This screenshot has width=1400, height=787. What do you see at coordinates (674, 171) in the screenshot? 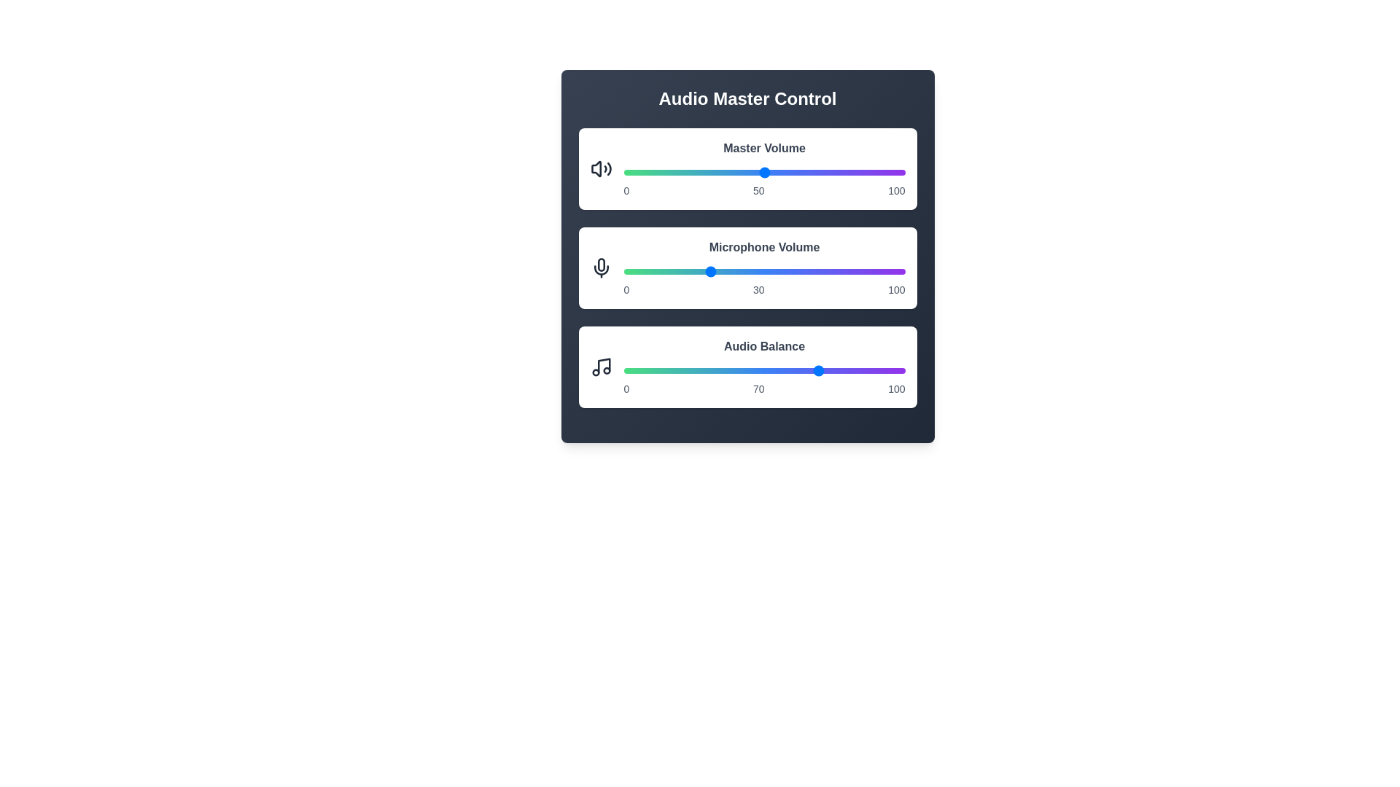
I see `the Master Volume slider to 18%` at bounding box center [674, 171].